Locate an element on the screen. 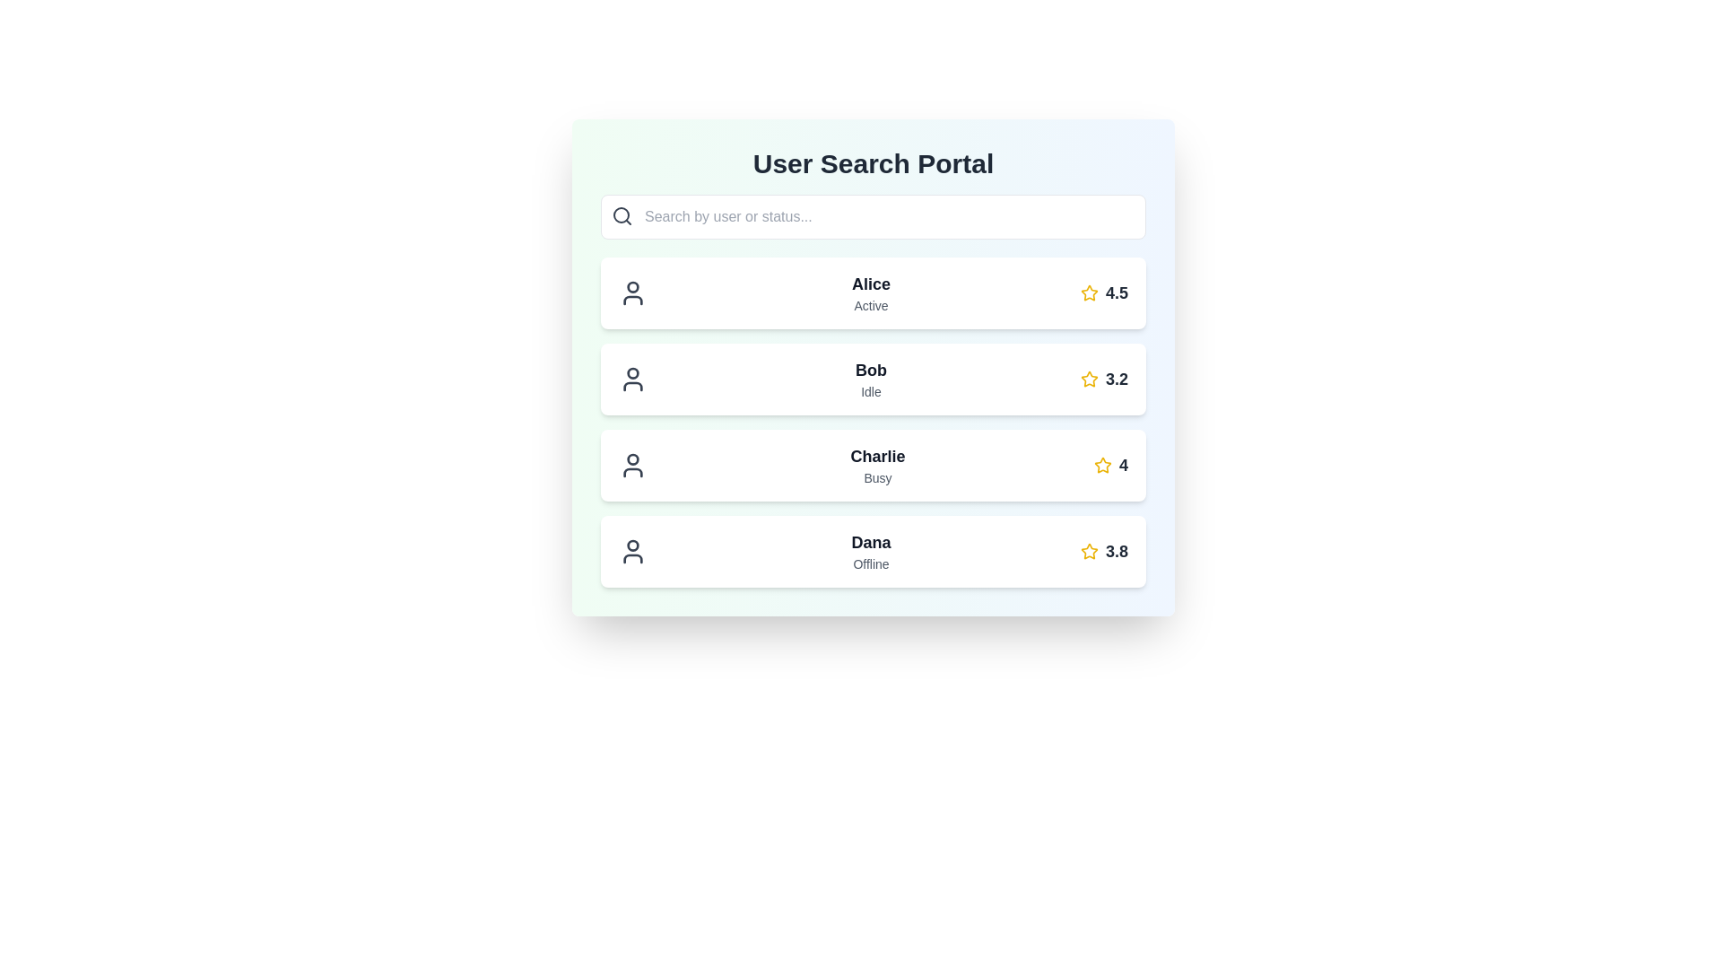 The image size is (1722, 969). the rating display box for user 'Alice', which is positioned at the rightmost side of the card next to the 'Active' status text is located at coordinates (1102, 292).